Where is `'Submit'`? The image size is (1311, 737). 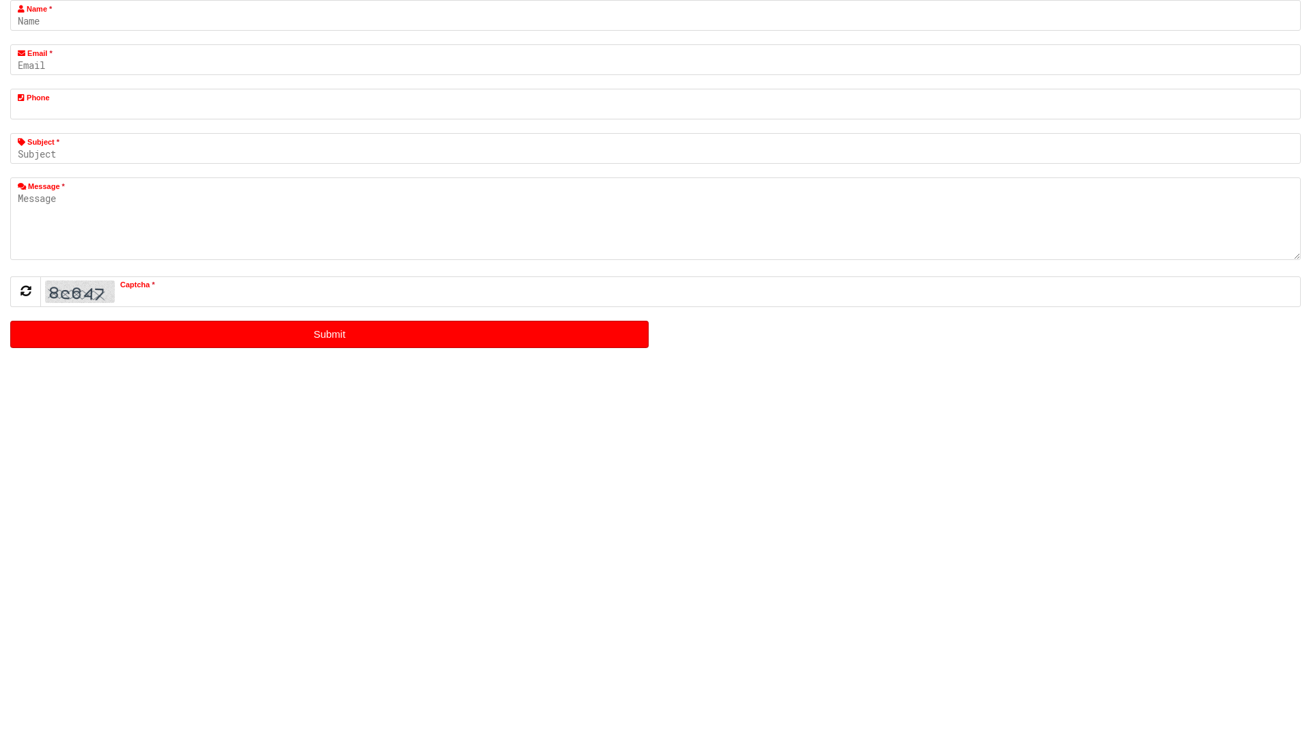
'Submit' is located at coordinates (329, 334).